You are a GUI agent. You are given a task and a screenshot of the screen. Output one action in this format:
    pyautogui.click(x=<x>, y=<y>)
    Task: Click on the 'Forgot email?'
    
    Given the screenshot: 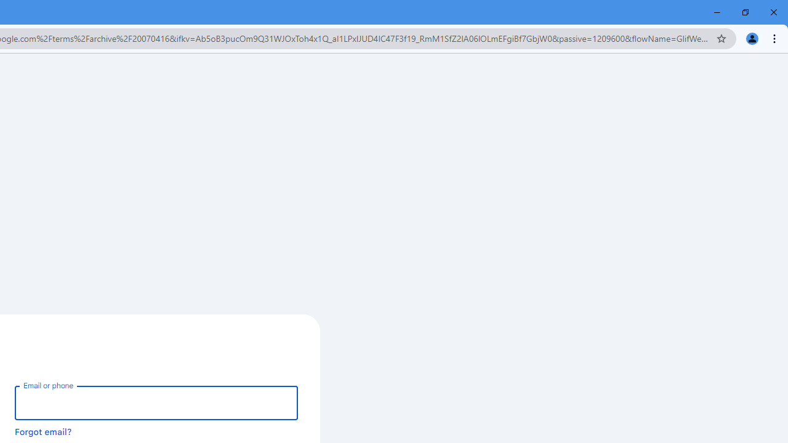 What is the action you would take?
    pyautogui.click(x=43, y=431)
    